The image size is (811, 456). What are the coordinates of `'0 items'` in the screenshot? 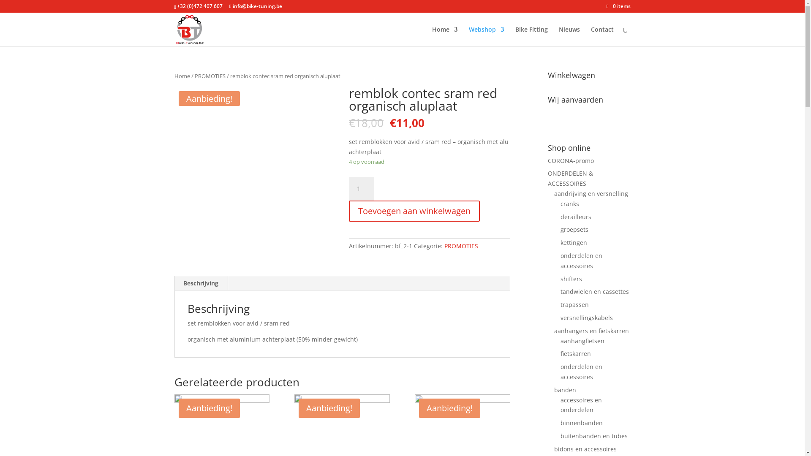 It's located at (618, 6).